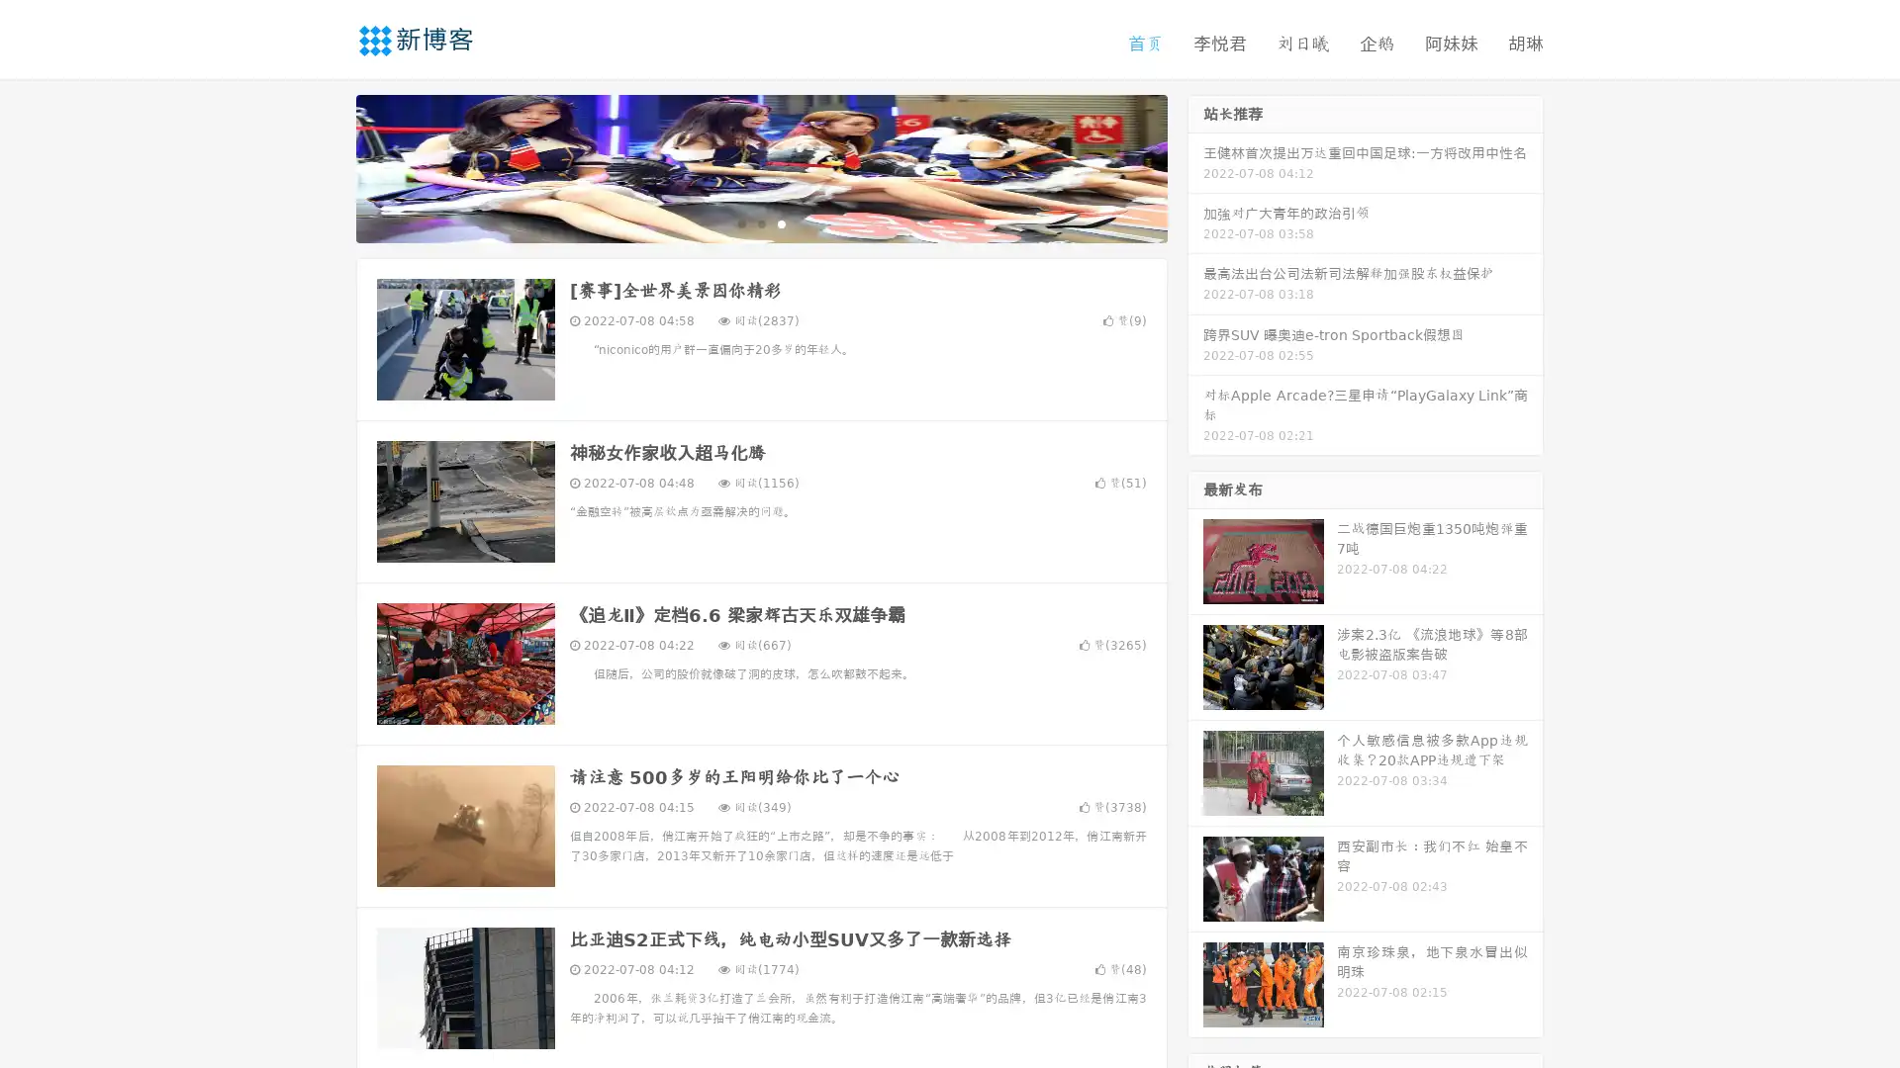 Image resolution: width=1900 pixels, height=1068 pixels. I want to click on Next slide, so click(1195, 166).